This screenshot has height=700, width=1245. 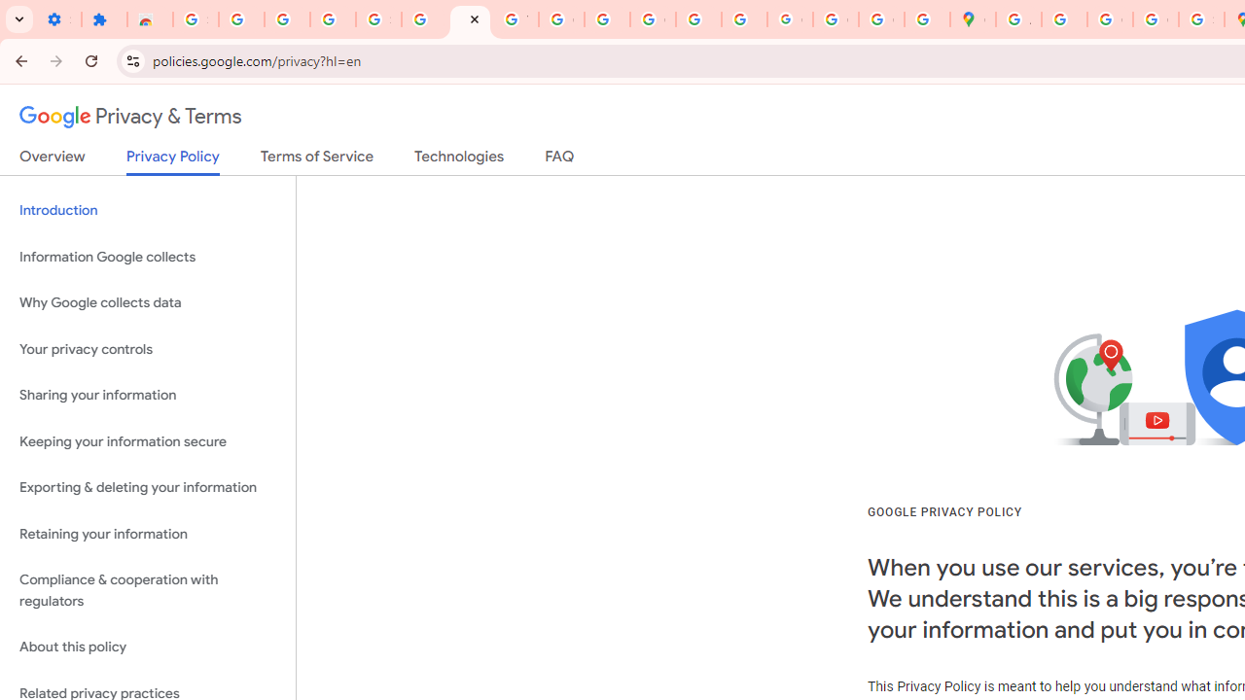 I want to click on 'Safety in Our Products - Google Safety Center', so click(x=1200, y=19).